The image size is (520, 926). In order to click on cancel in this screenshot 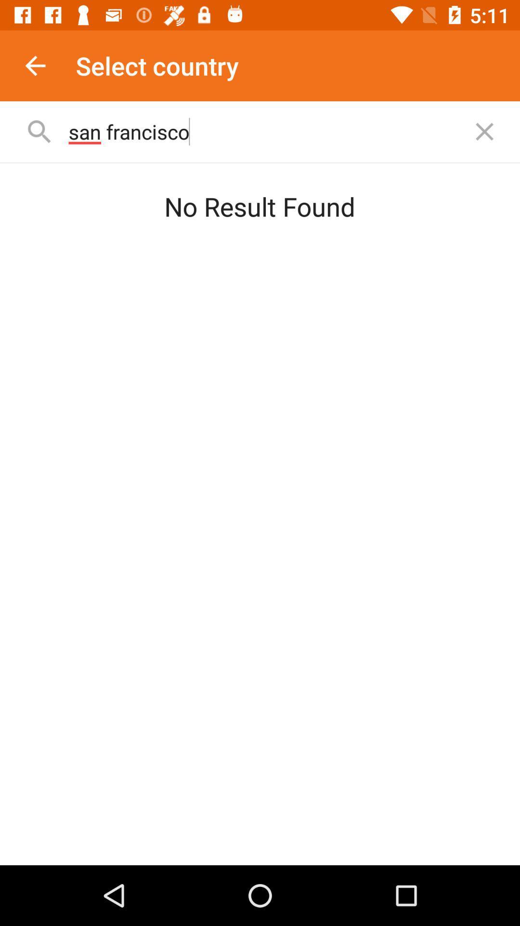, I will do `click(484, 131)`.